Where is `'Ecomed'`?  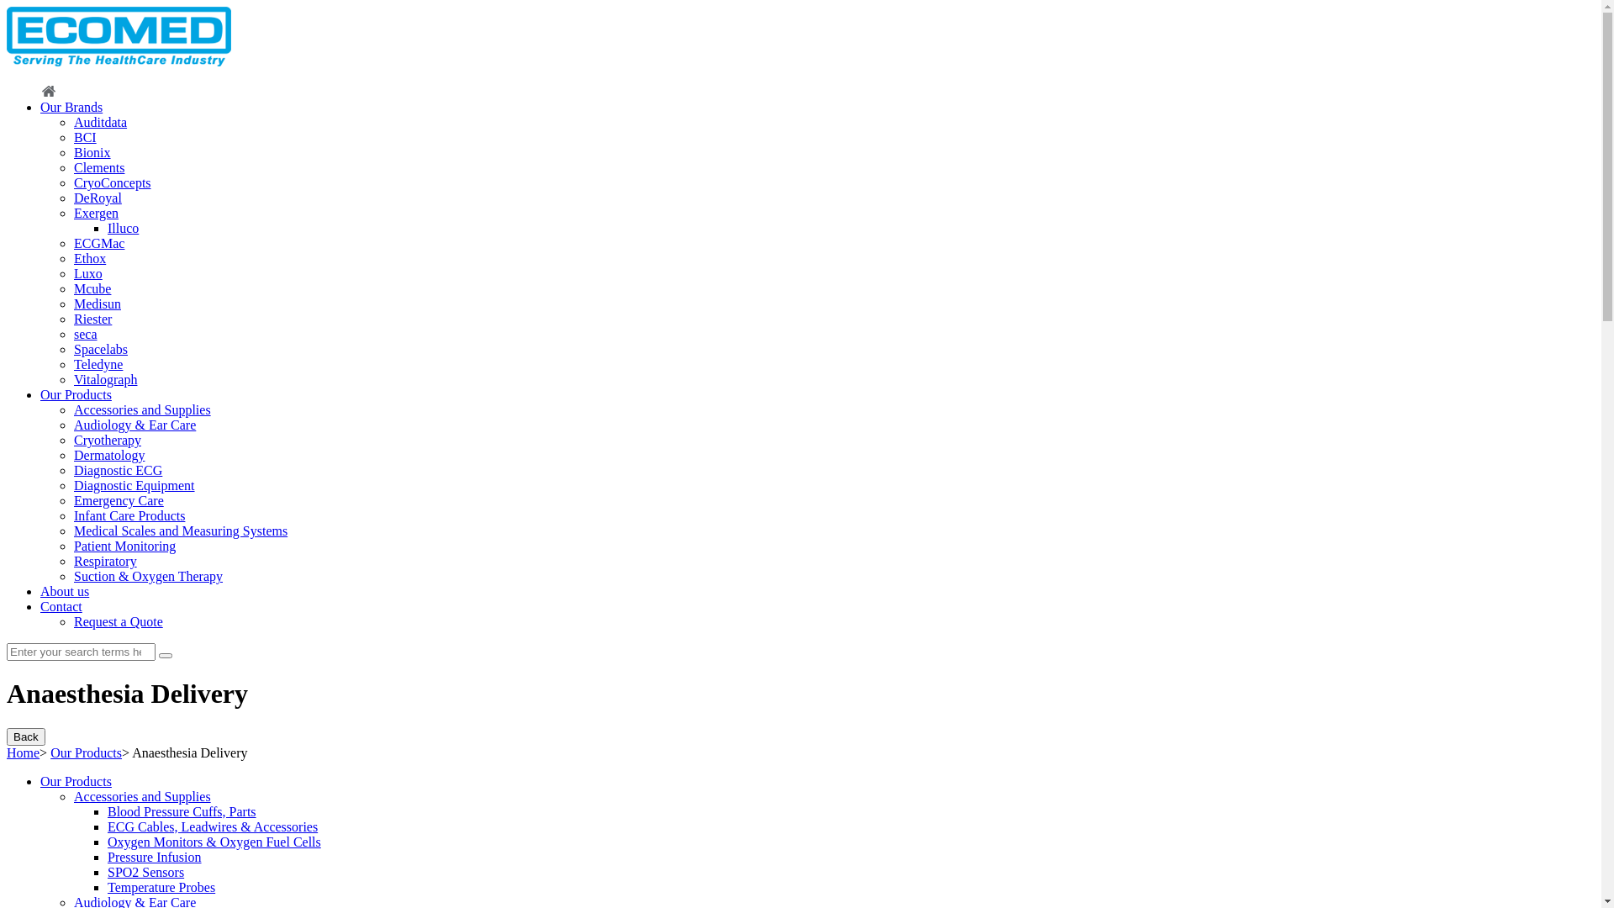
'Ecomed' is located at coordinates (118, 36).